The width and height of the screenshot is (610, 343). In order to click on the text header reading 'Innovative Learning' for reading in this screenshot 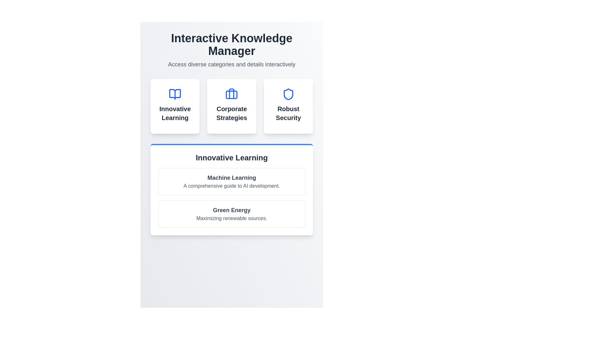, I will do `click(231, 158)`.